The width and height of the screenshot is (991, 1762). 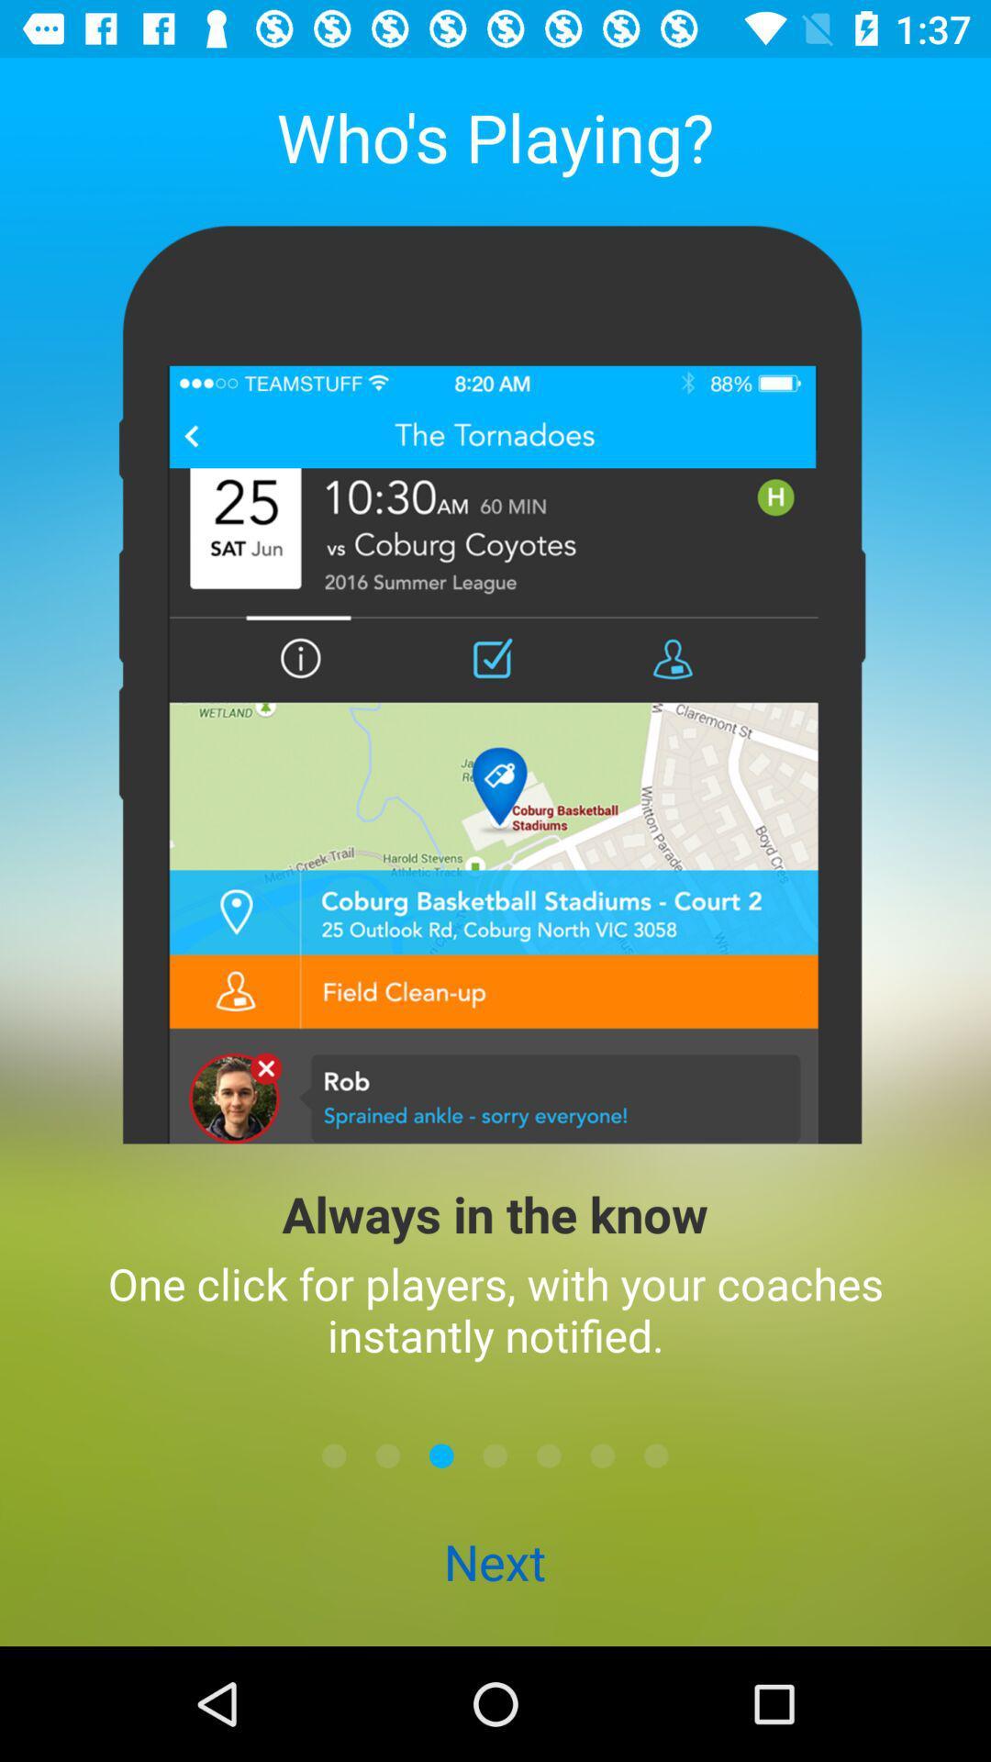 I want to click on the item above the next icon, so click(x=495, y=1455).